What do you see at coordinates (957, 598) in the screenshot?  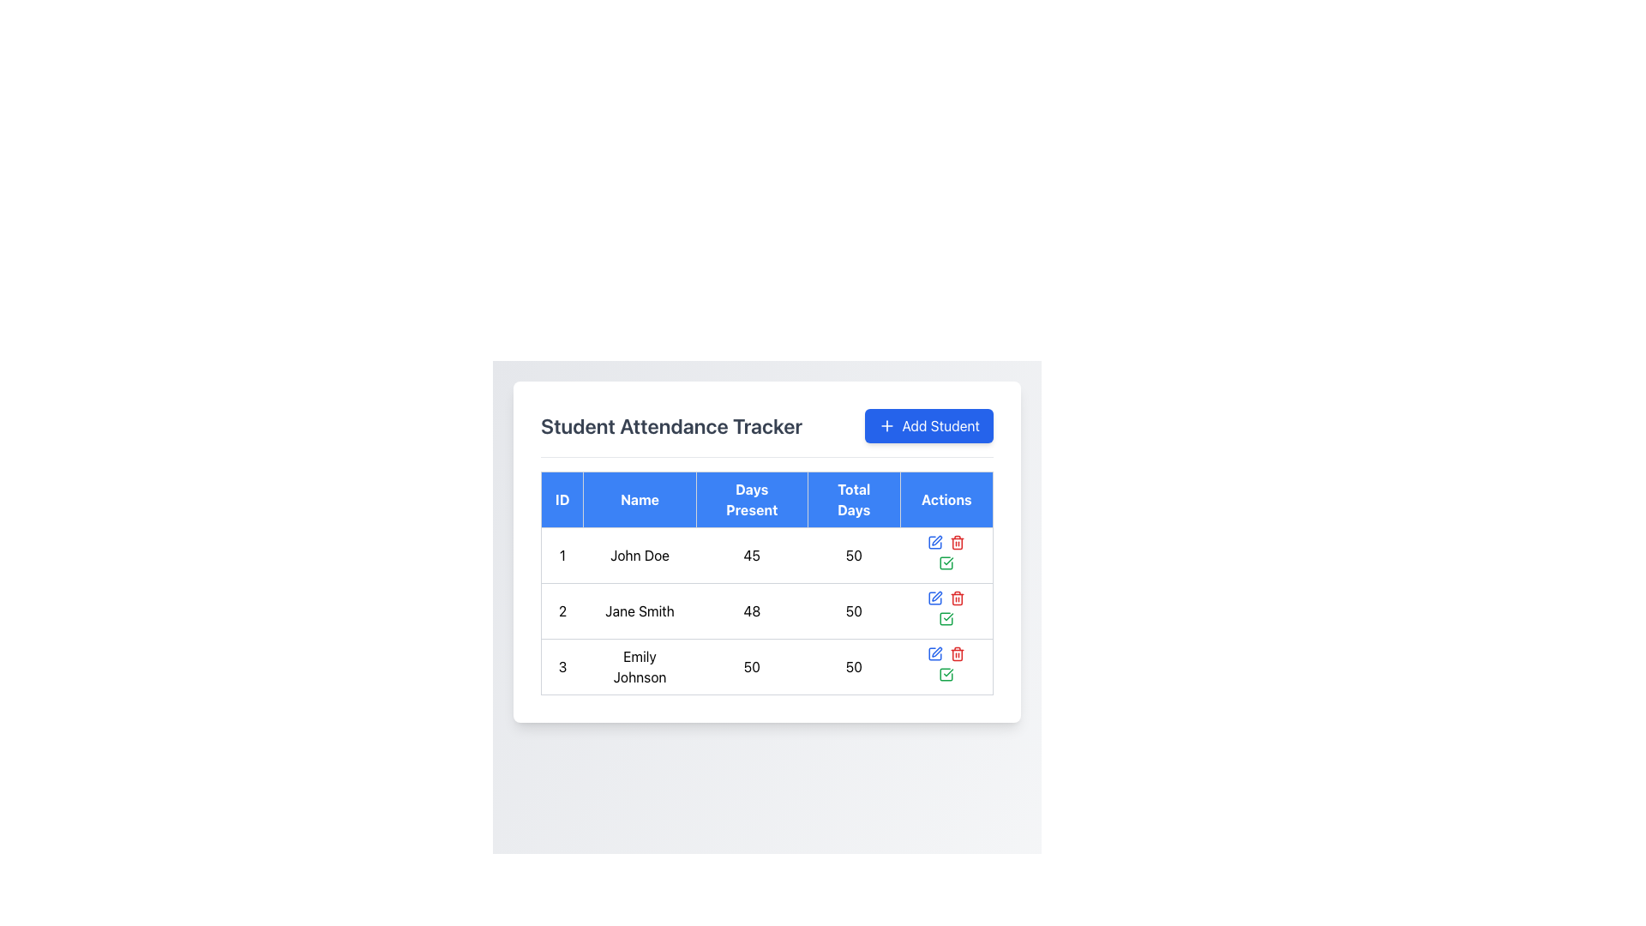 I see `the trash can icon representing the deletion action for the student named Jane Smith in the attendance tracker` at bounding box center [957, 598].